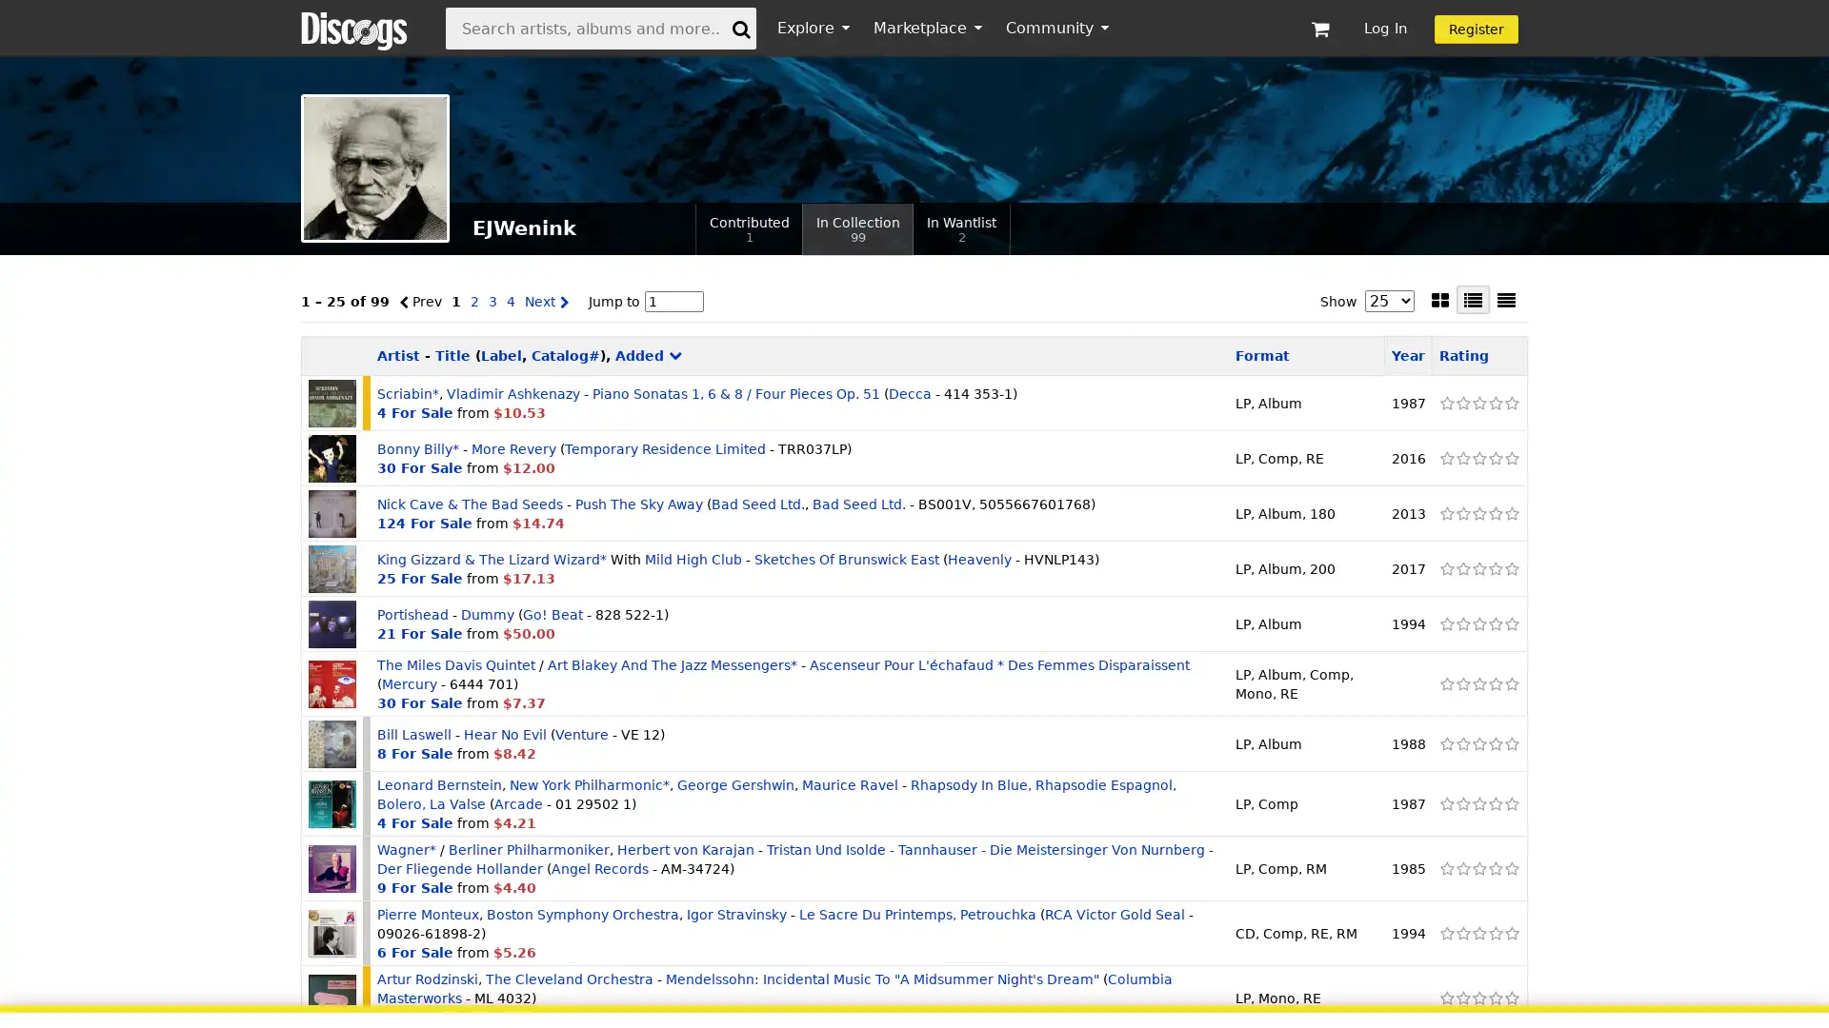 This screenshot has width=1829, height=1028. I want to click on Rate this release 1 star., so click(1446, 743).